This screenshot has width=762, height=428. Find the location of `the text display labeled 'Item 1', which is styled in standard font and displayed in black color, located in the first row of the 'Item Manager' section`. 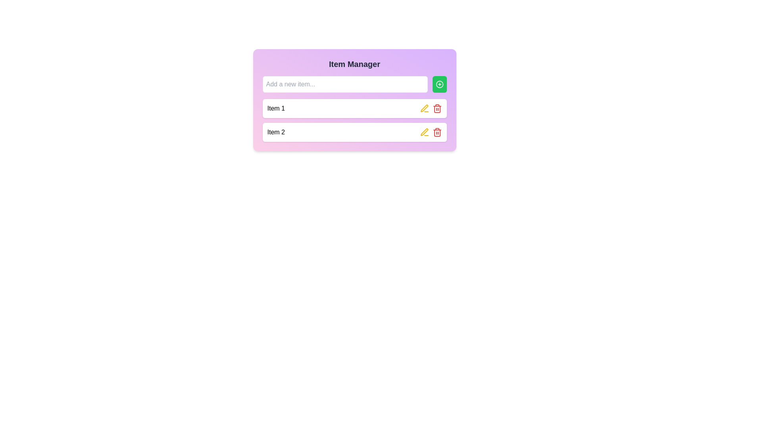

the text display labeled 'Item 1', which is styled in standard font and displayed in black color, located in the first row of the 'Item Manager' section is located at coordinates (276, 108).